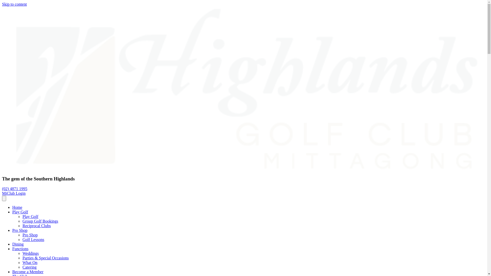 The height and width of the screenshot is (276, 491). Describe the element at coordinates (29, 262) in the screenshot. I see `'What On'` at that location.